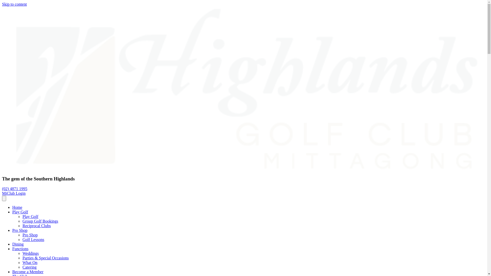 The height and width of the screenshot is (276, 491). Describe the element at coordinates (29, 262) in the screenshot. I see `'What On'` at that location.